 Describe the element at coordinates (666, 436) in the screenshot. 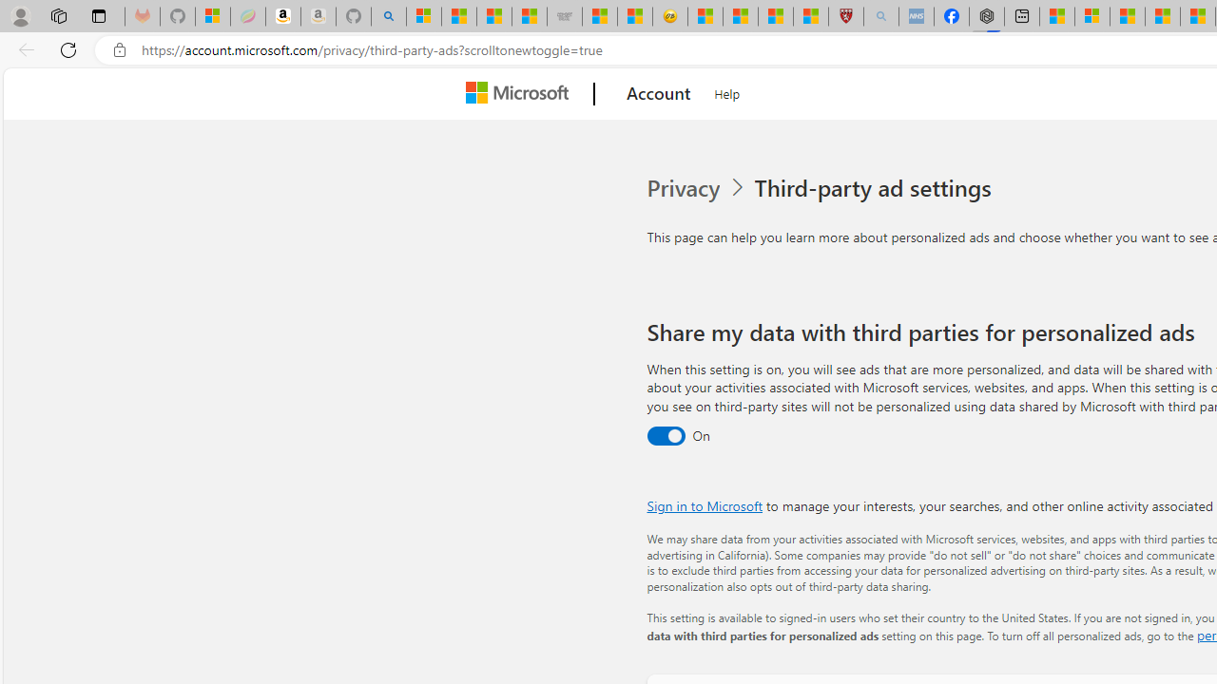

I see `'Third party data sharing toggle'` at that location.